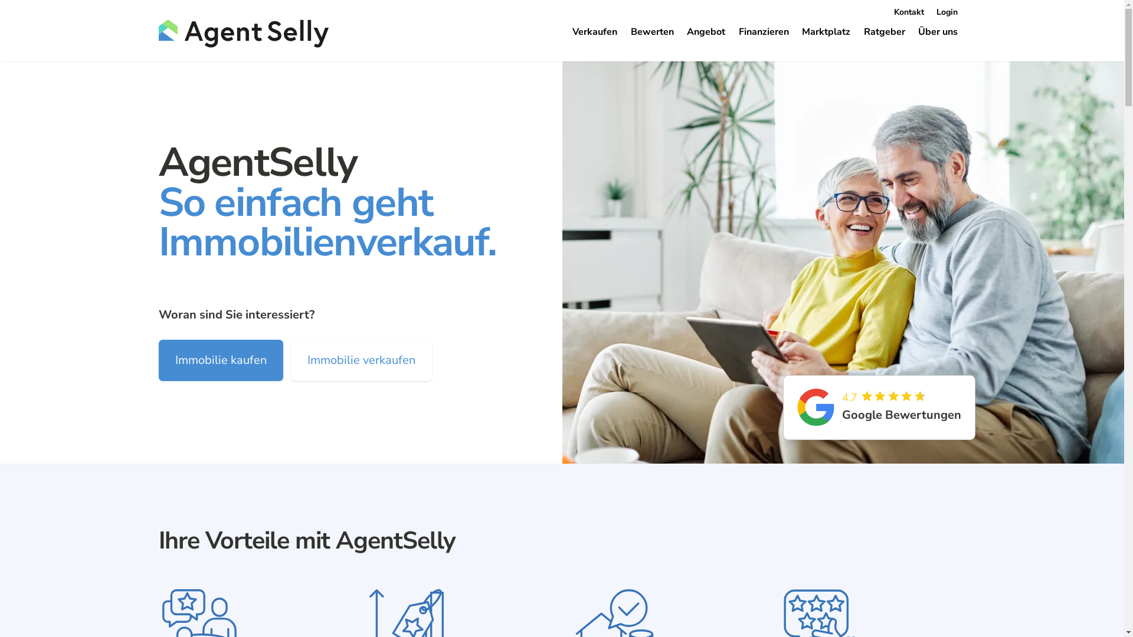 The image size is (1133, 637). Describe the element at coordinates (220, 359) in the screenshot. I see `'Immobilie kaufen'` at that location.